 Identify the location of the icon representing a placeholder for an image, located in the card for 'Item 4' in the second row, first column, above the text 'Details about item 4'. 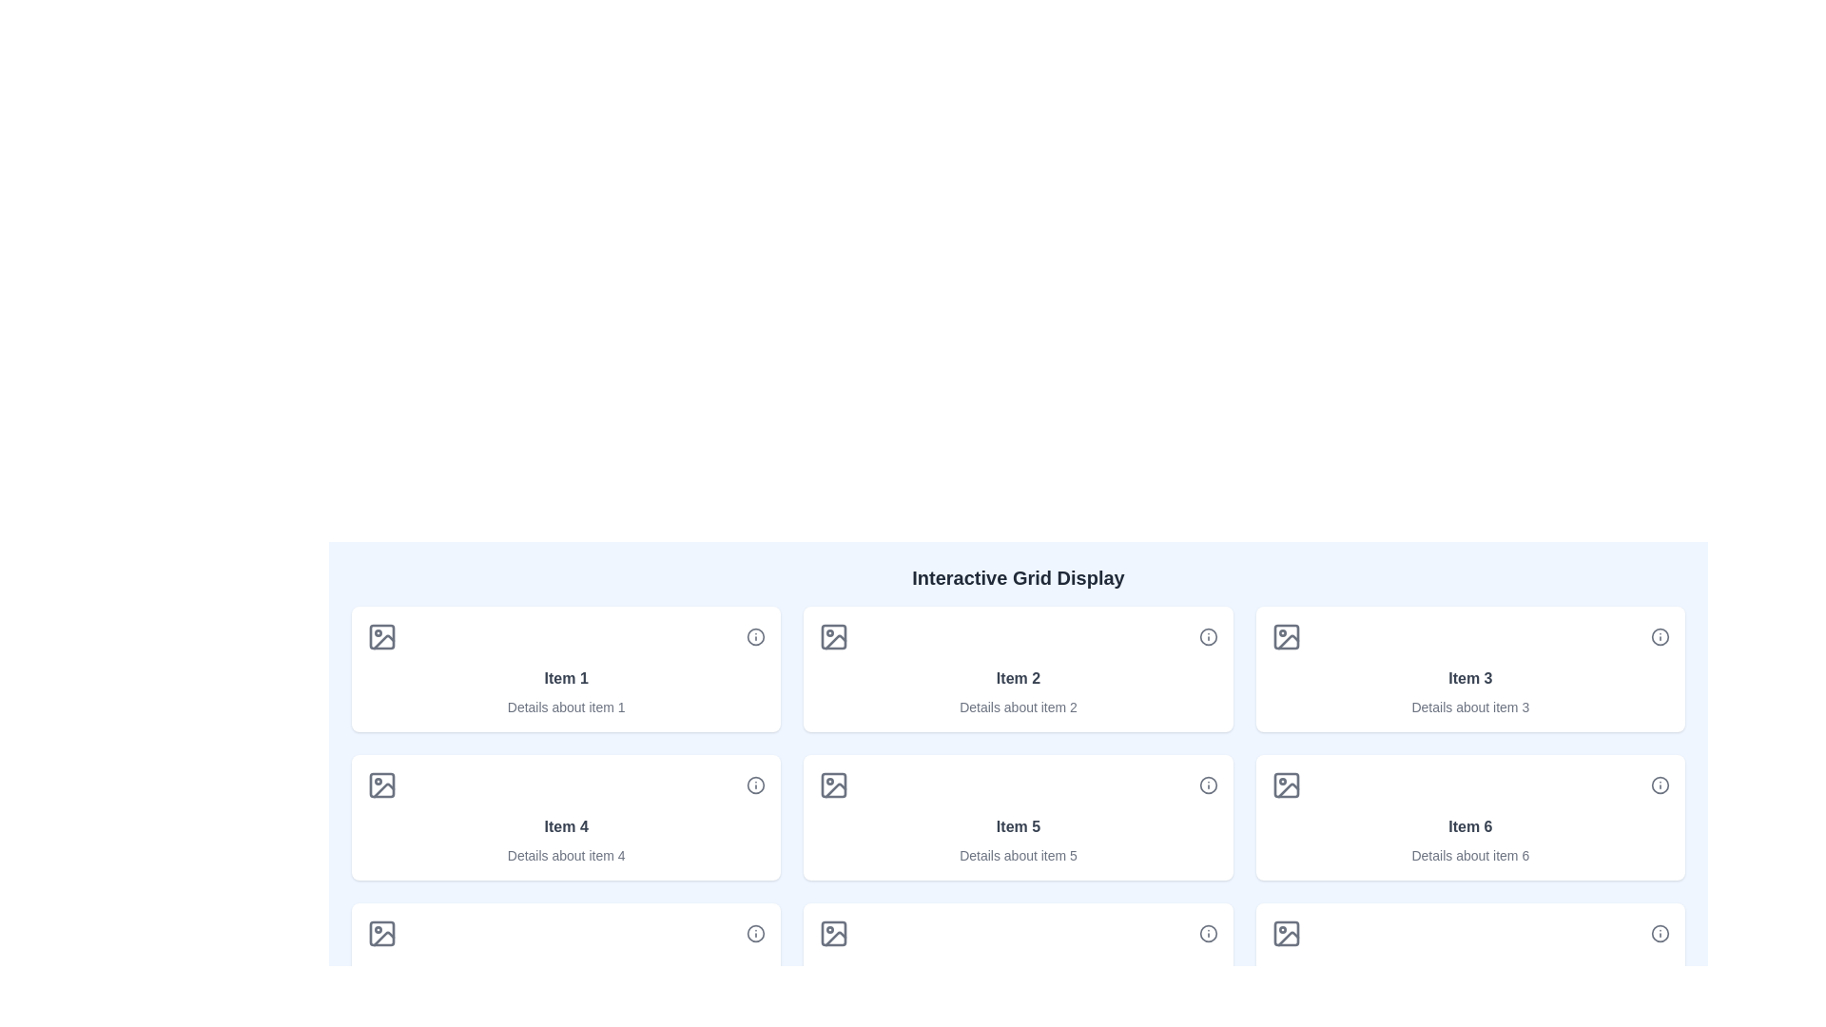
(381, 785).